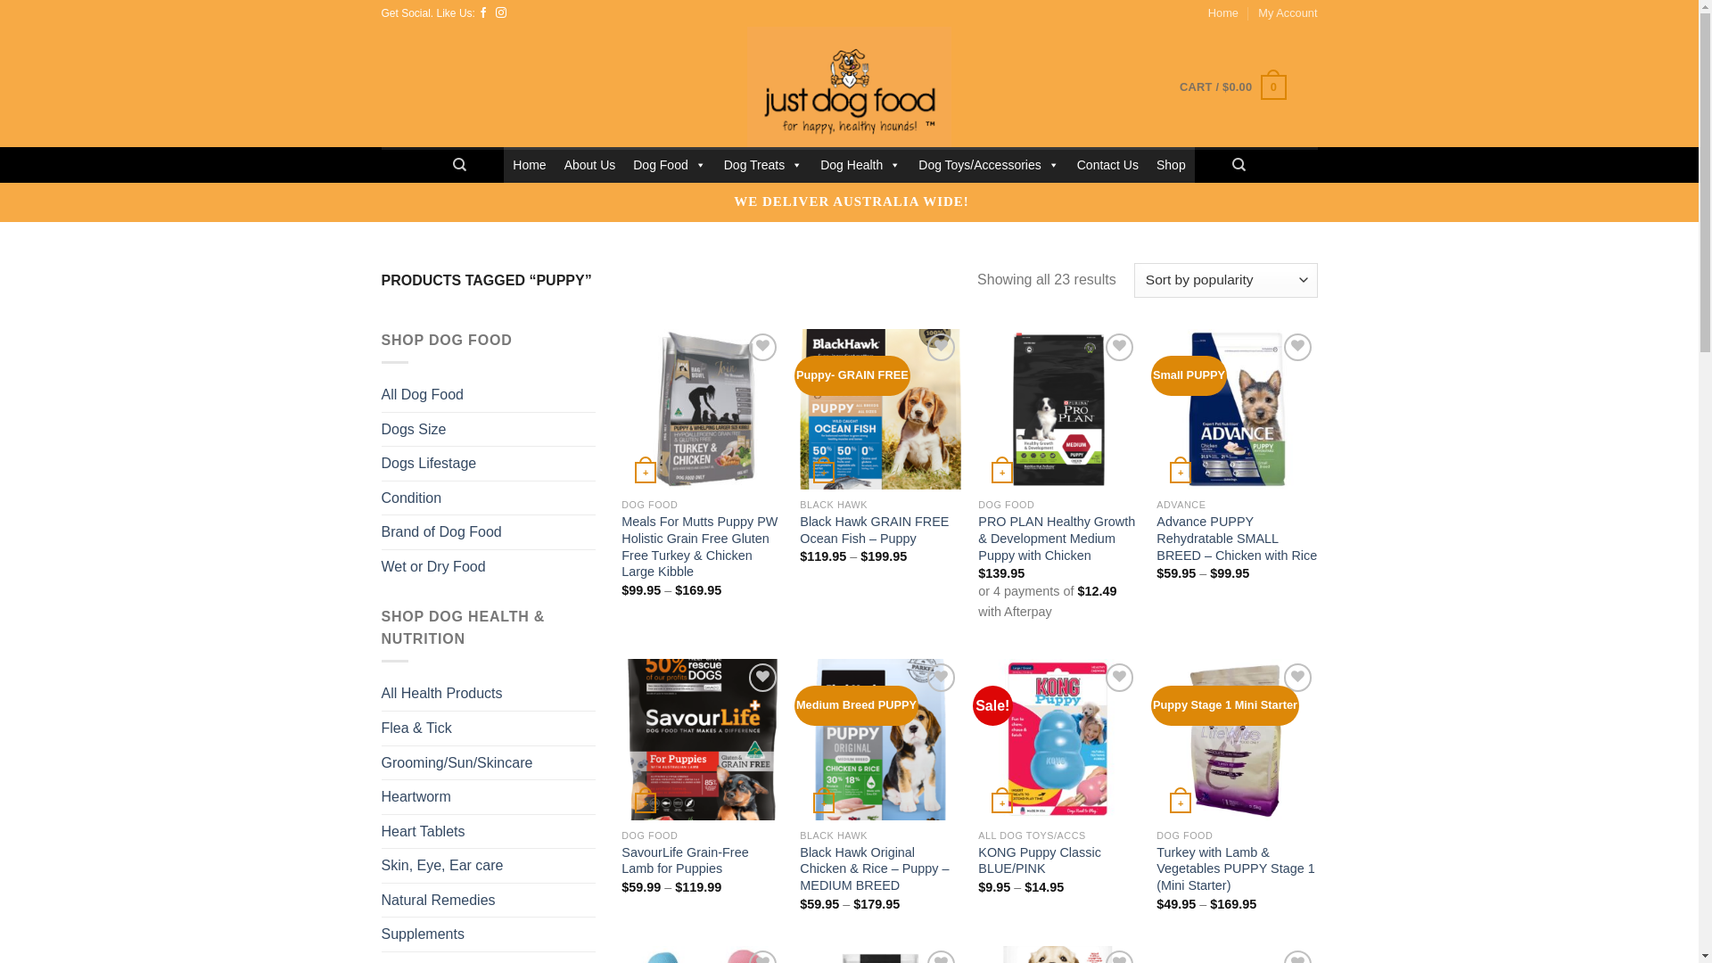 This screenshot has width=1712, height=963. Describe the element at coordinates (410, 498) in the screenshot. I see `'Condition'` at that location.